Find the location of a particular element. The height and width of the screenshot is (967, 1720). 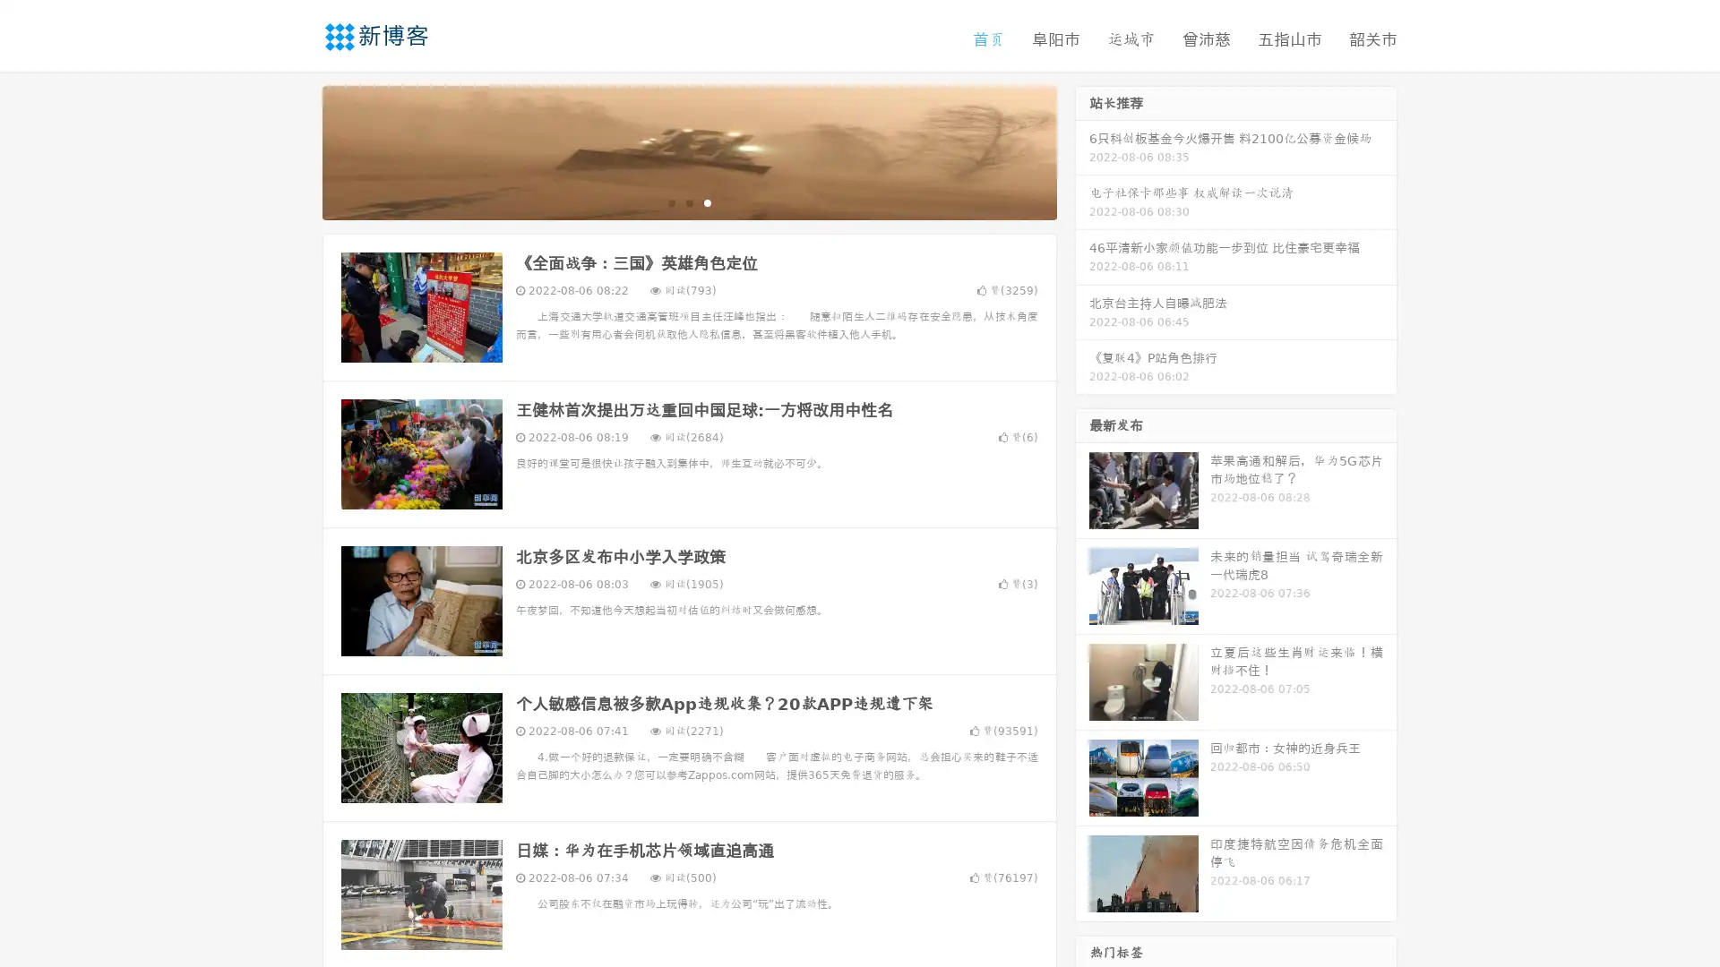

Go to slide 2 is located at coordinates (688, 201).